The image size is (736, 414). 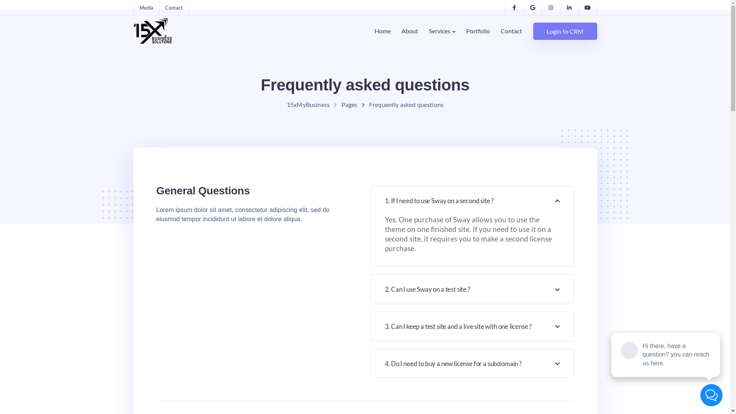 I want to click on 'Login to CRM', so click(x=185, y=176).